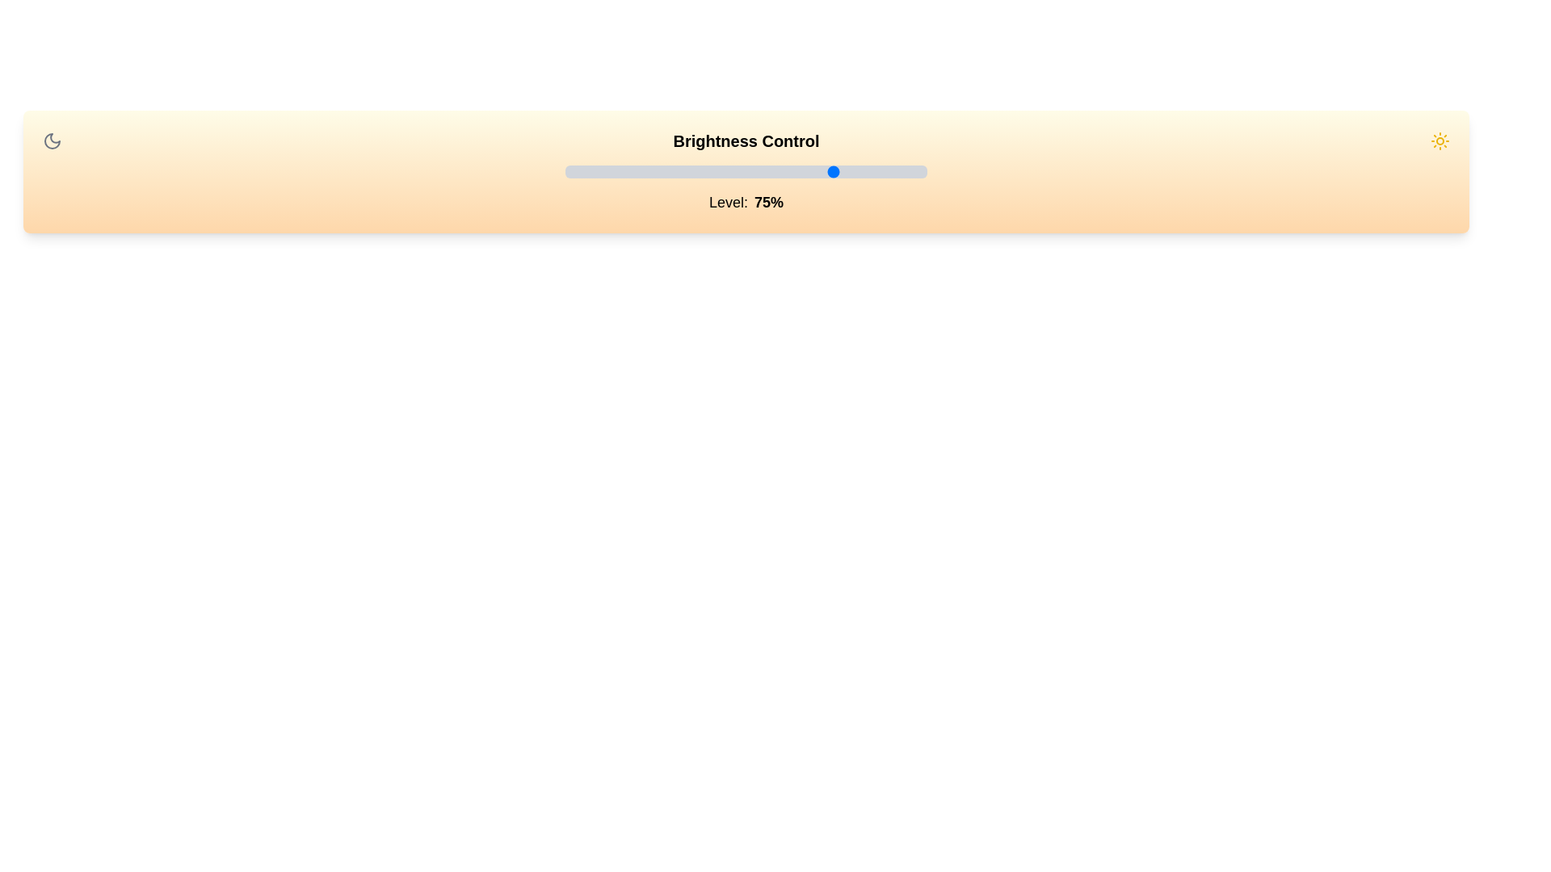 The width and height of the screenshot is (1551, 872). Describe the element at coordinates (746, 171) in the screenshot. I see `the slider input field by clicking on its center` at that location.